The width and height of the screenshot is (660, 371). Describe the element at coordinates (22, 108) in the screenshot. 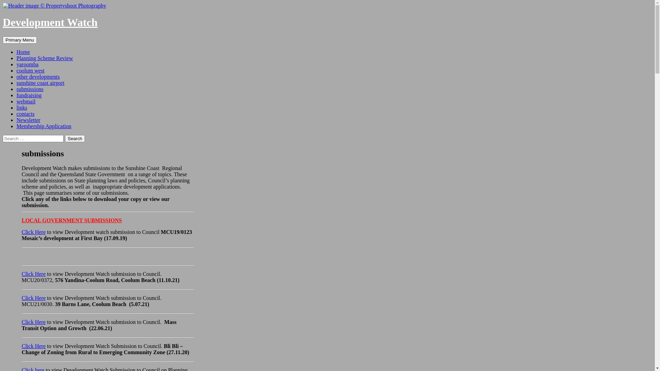

I see `'links'` at that location.